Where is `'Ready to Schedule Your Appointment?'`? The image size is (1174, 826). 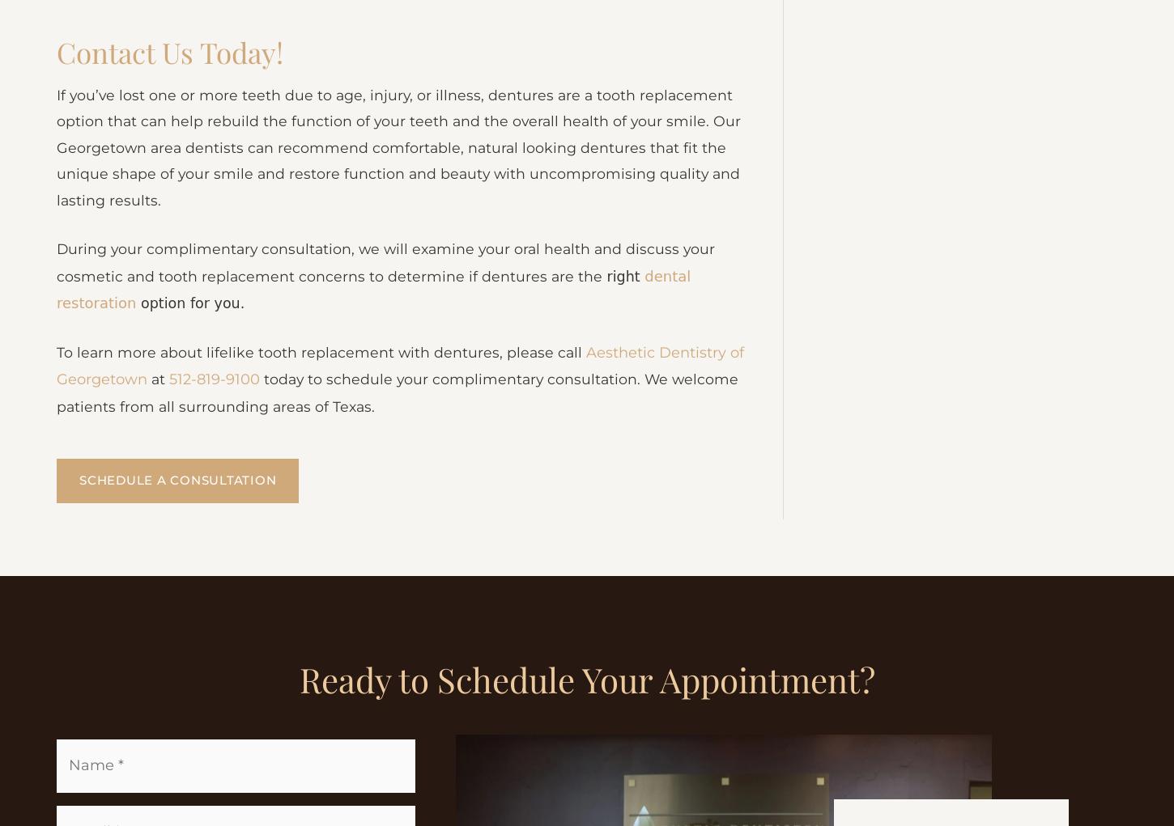
'Ready to Schedule Your Appointment?' is located at coordinates (298, 796).